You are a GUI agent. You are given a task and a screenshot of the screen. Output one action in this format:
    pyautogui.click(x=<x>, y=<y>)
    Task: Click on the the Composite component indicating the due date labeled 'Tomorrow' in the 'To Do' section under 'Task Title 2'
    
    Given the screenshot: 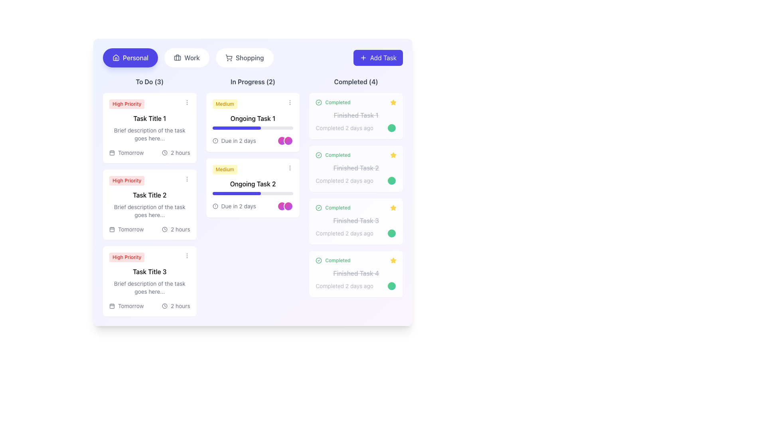 What is the action you would take?
    pyautogui.click(x=126, y=229)
    